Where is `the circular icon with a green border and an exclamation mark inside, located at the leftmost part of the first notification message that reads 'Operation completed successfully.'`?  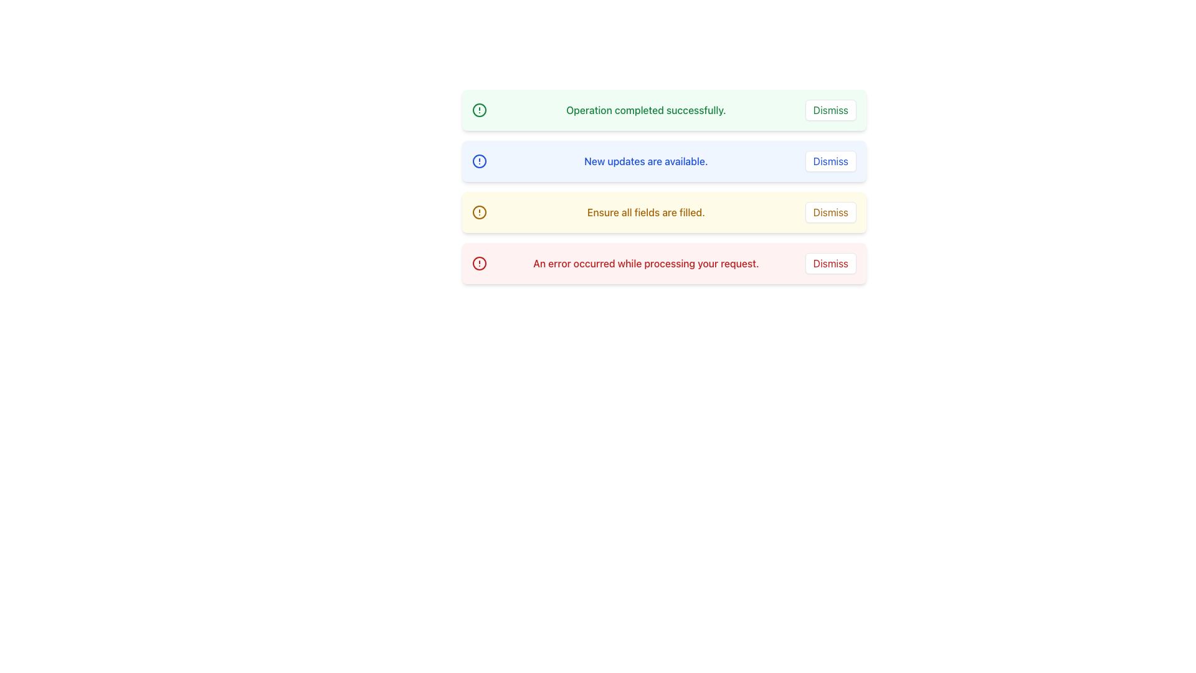
the circular icon with a green border and an exclamation mark inside, located at the leftmost part of the first notification message that reads 'Operation completed successfully.' is located at coordinates (478, 110).